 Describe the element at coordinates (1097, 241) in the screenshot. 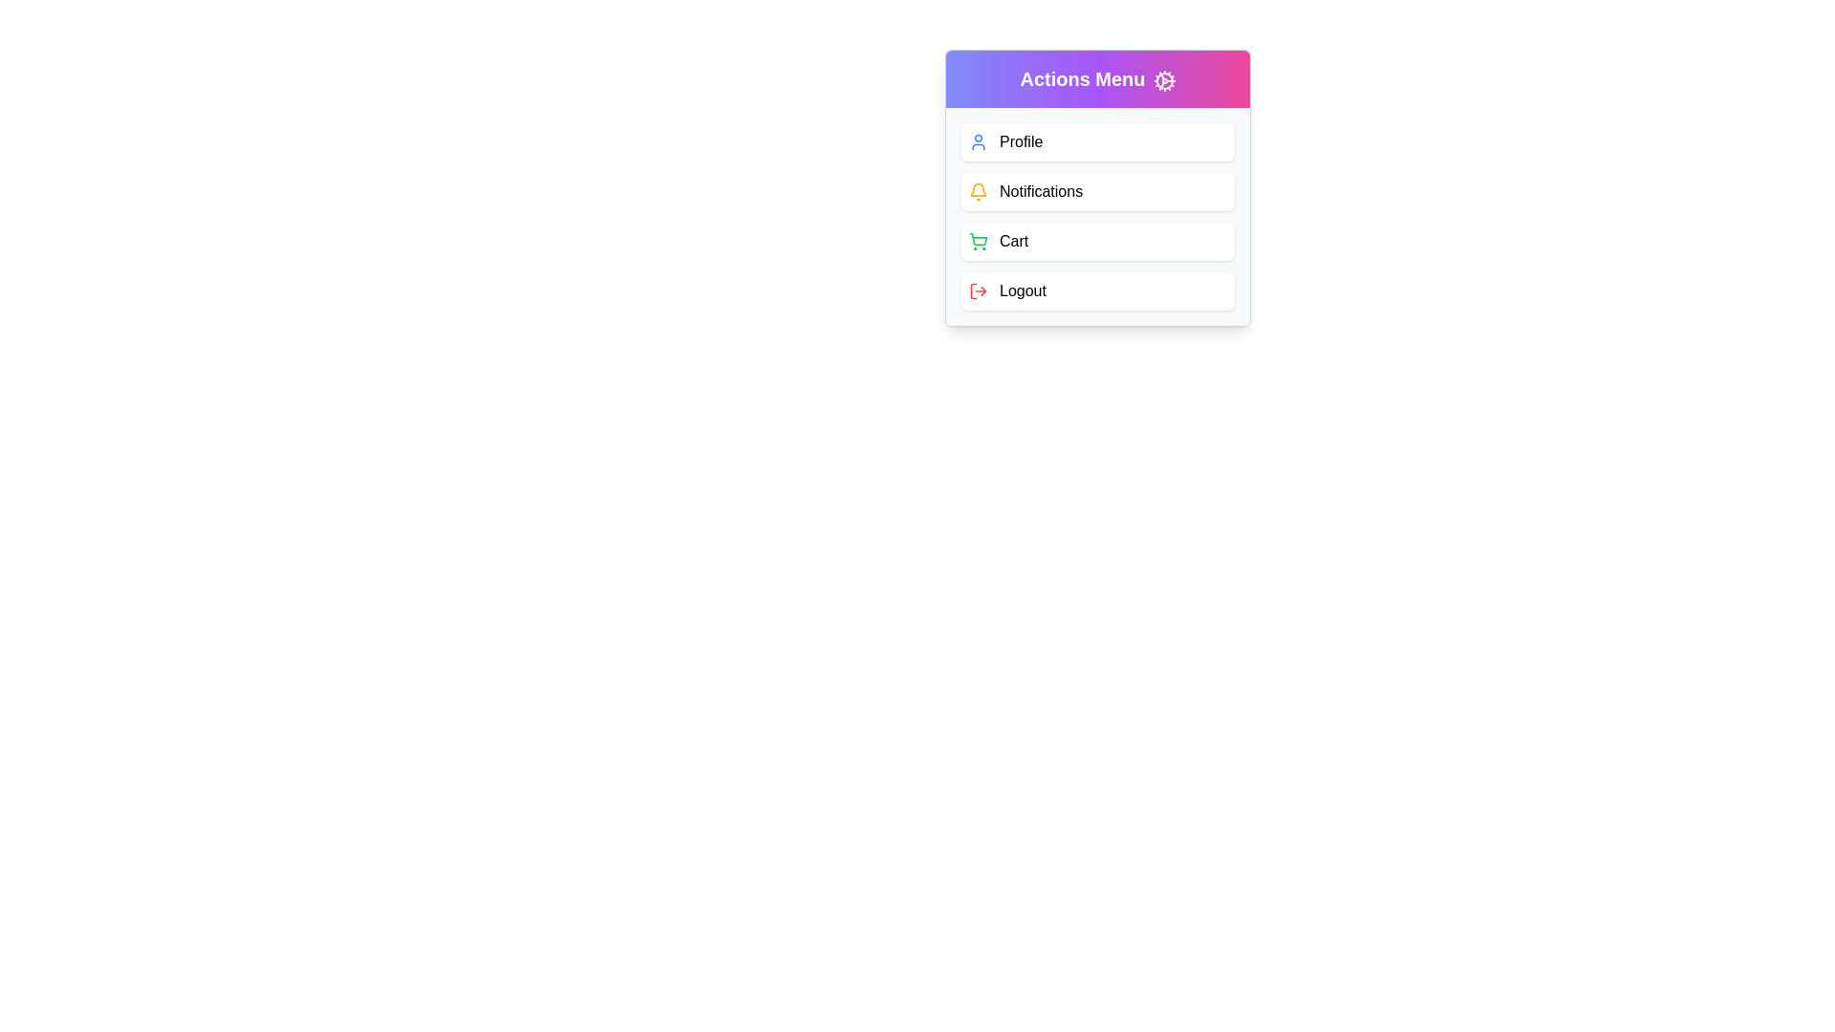

I see `the menu item Cart to observe its hover effect` at that location.